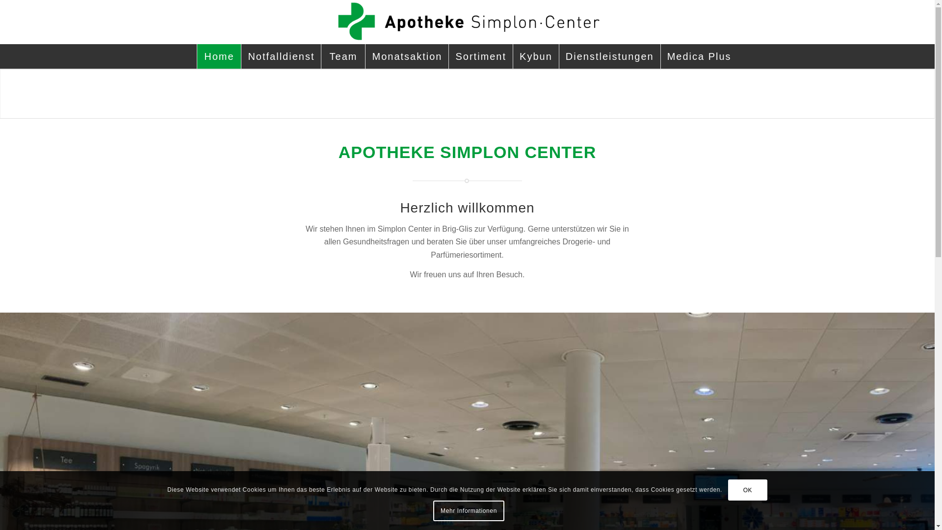 The image size is (942, 530). I want to click on 'Home', so click(196, 56).